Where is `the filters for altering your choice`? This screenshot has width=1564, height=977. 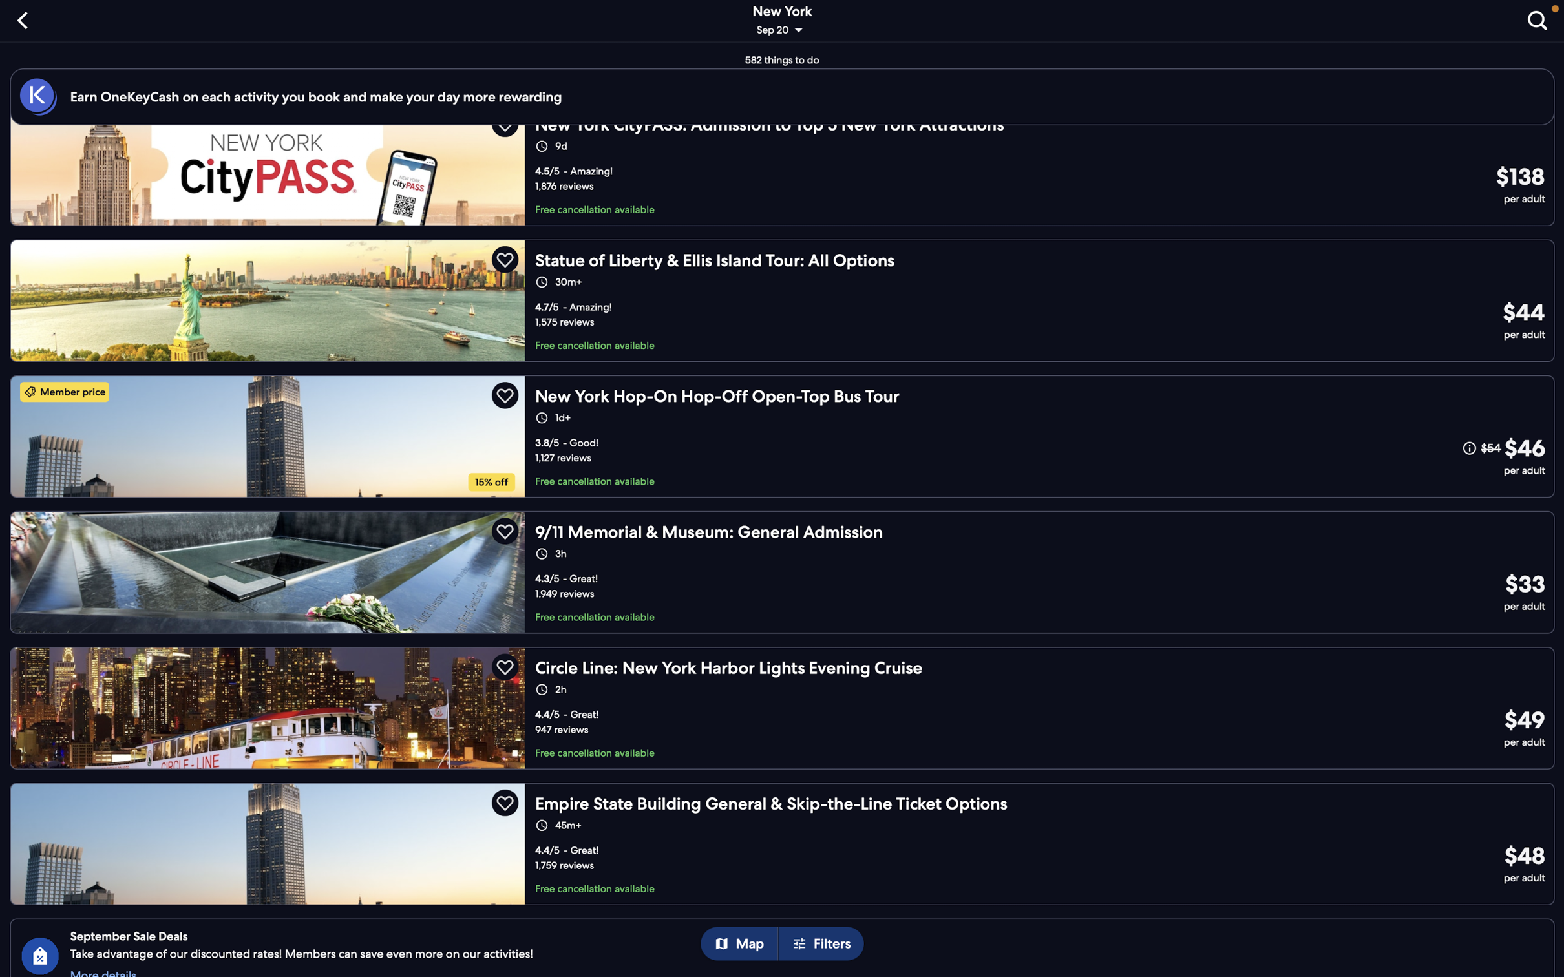 the filters for altering your choice is located at coordinates (825, 944).